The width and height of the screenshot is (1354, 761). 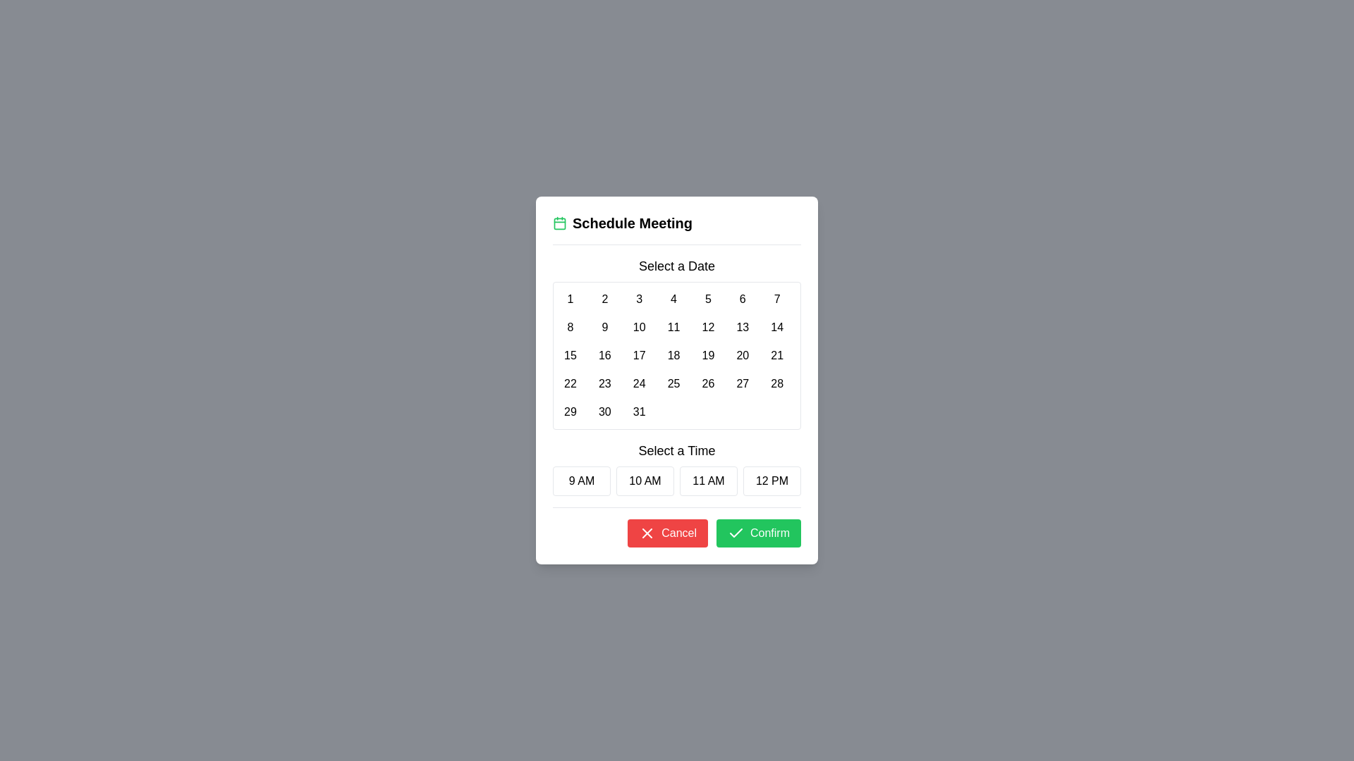 I want to click on the 'X' icon located within the red 'Cancel' button, which features a red background and white stroke, positioned to the left of the 'Cancel' text, so click(x=647, y=533).